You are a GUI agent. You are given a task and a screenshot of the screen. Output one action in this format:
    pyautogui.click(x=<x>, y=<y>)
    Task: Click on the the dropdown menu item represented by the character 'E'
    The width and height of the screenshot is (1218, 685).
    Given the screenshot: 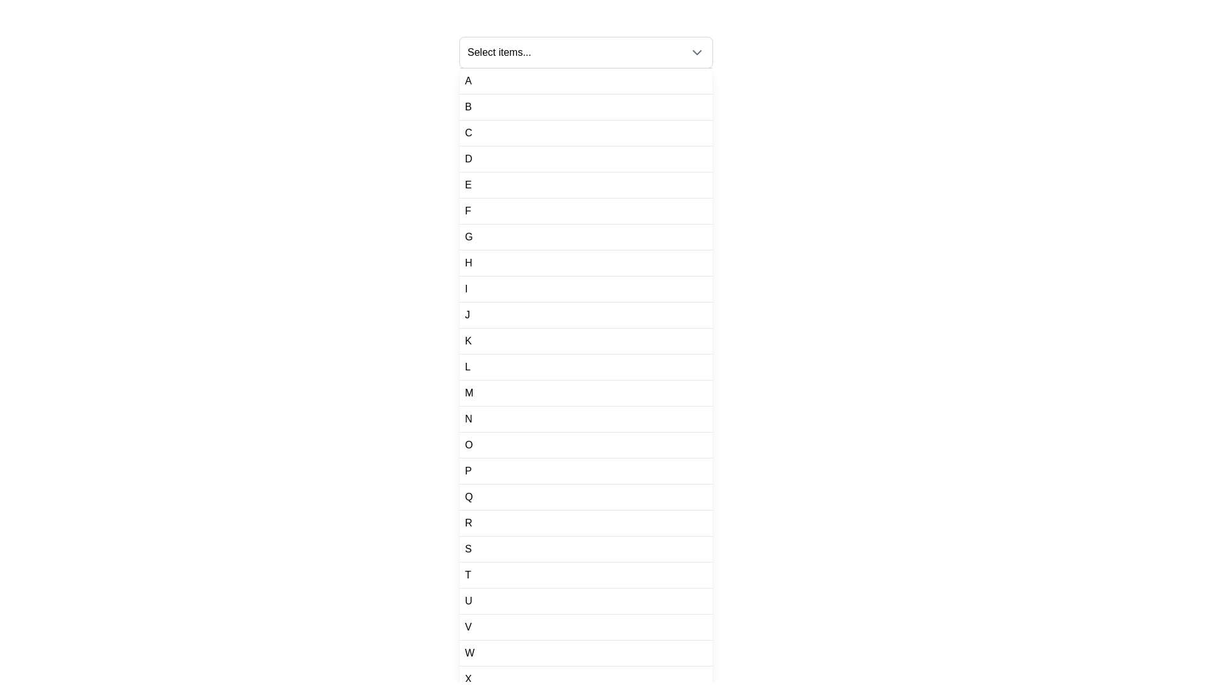 What is the action you would take?
    pyautogui.click(x=468, y=185)
    